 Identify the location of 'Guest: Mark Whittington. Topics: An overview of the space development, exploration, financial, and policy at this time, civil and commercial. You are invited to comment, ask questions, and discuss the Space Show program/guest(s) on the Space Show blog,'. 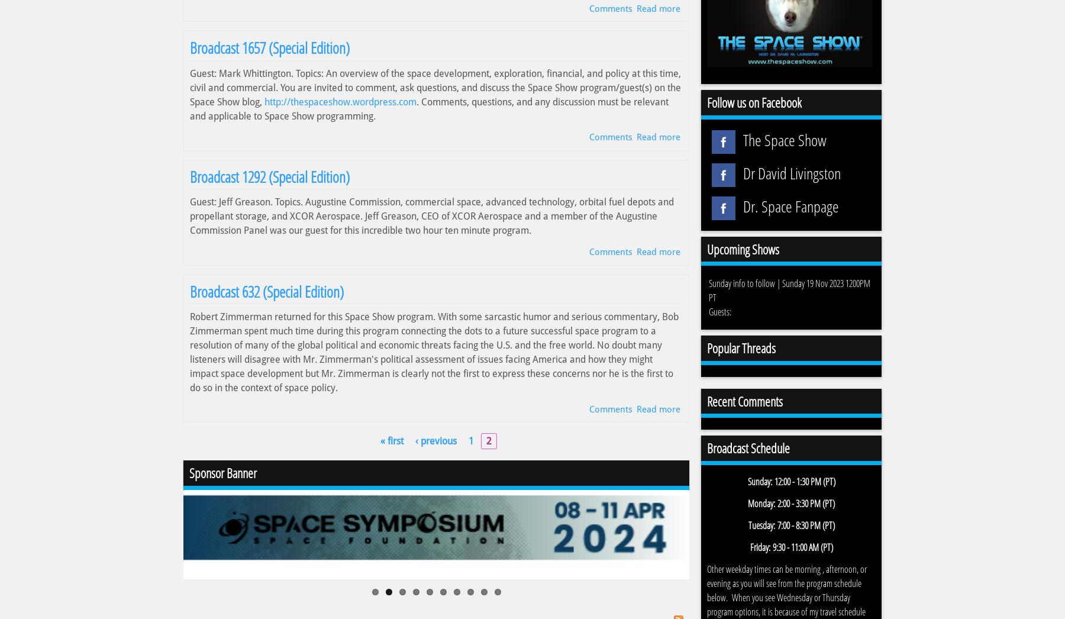
(189, 86).